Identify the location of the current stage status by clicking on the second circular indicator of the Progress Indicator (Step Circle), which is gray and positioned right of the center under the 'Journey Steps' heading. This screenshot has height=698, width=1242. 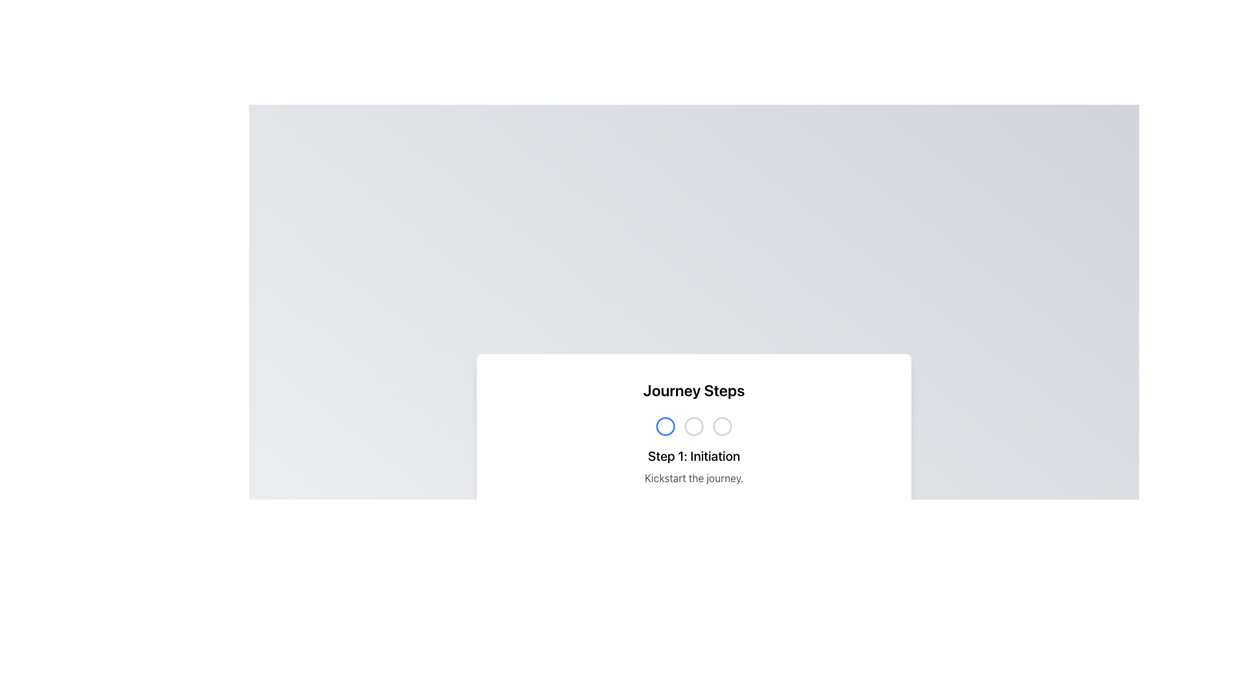
(693, 426).